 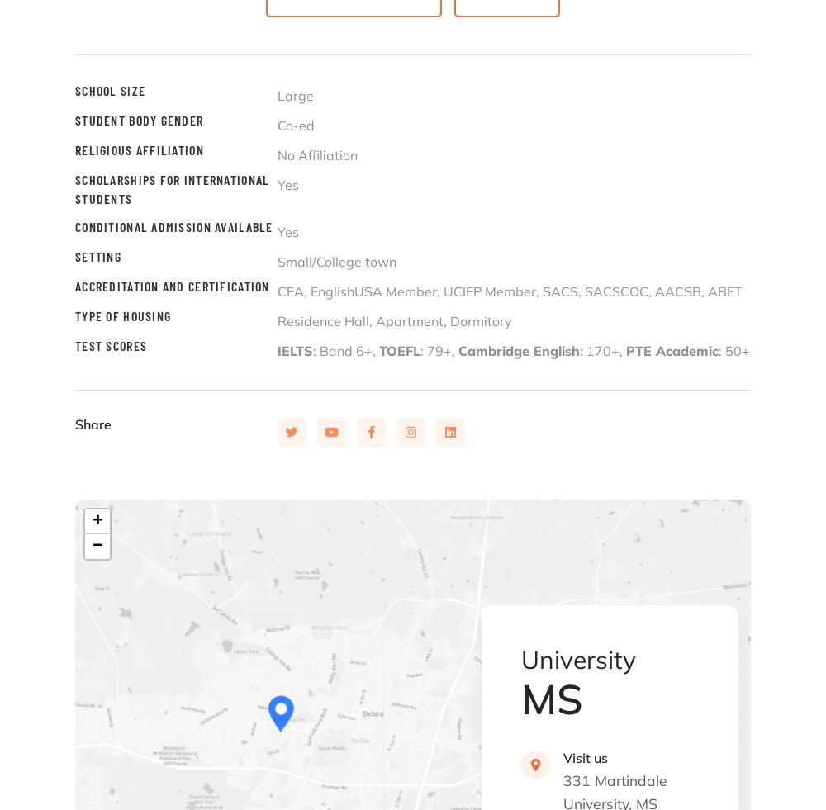 I want to click on ': 79+,', so click(x=439, y=349).